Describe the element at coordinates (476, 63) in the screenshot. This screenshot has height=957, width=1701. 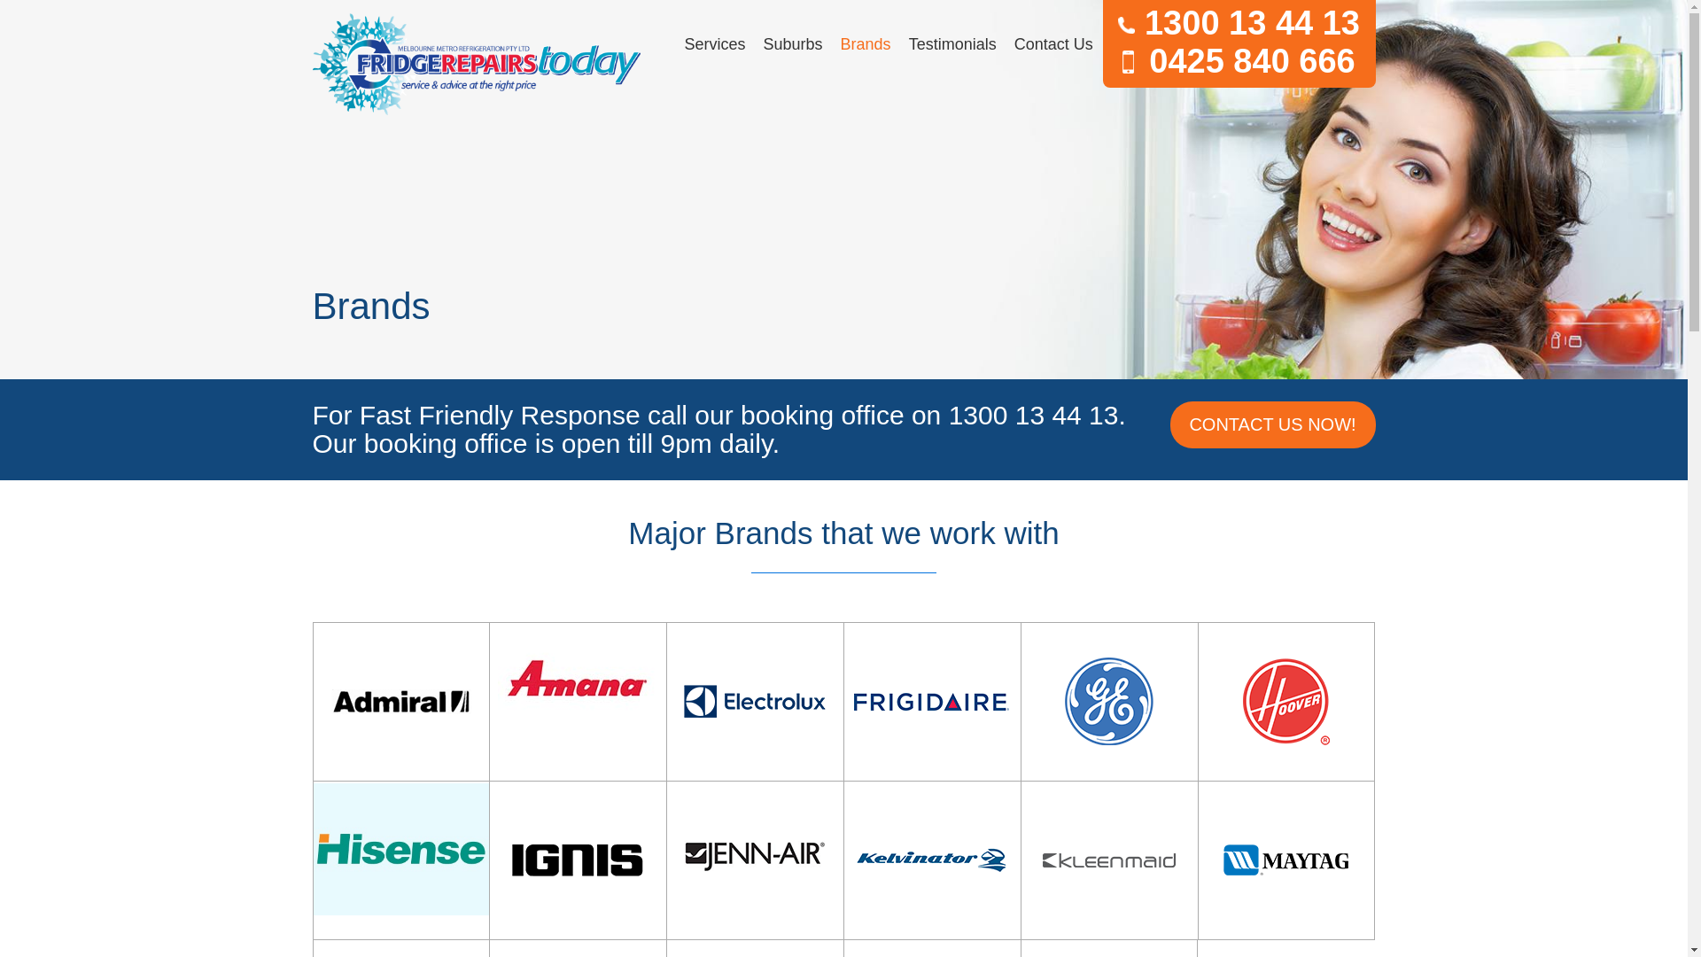
I see `'Fridge Repairs Today'` at that location.